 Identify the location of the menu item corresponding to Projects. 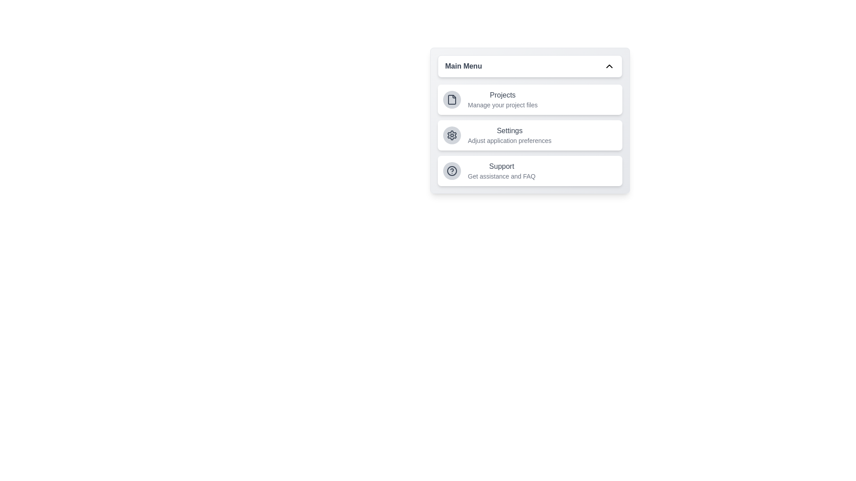
(530, 99).